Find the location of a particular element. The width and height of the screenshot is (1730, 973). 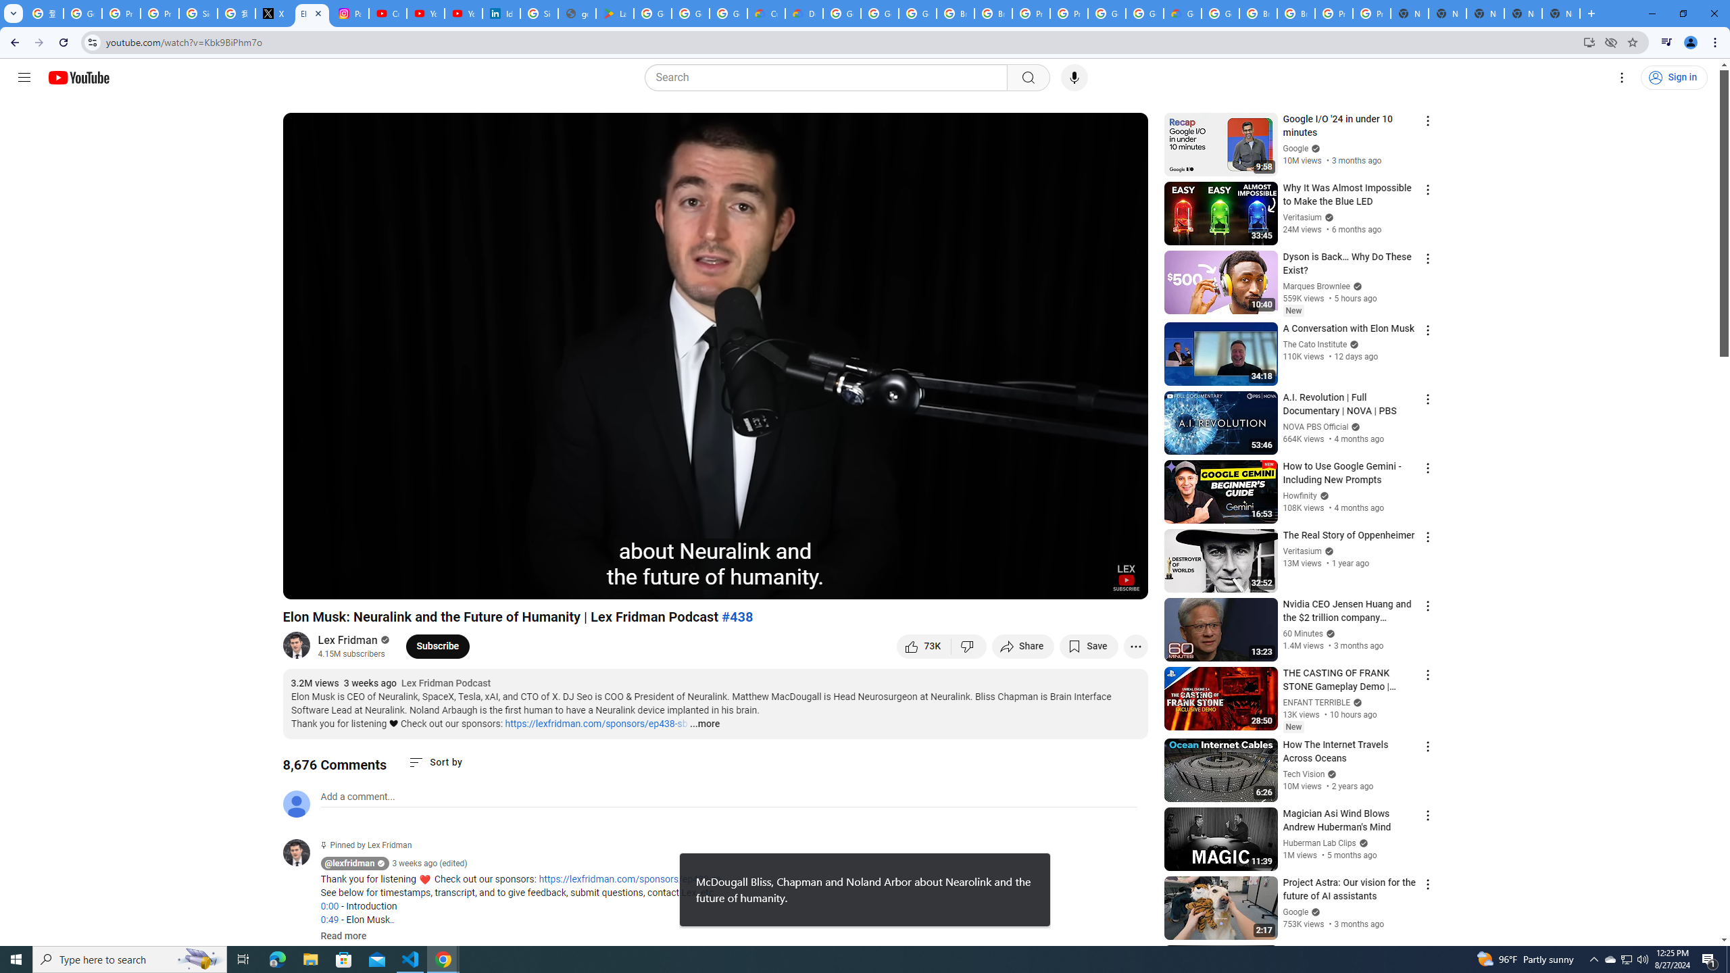

'Google Cloud Estimate Summary' is located at coordinates (1181, 13).